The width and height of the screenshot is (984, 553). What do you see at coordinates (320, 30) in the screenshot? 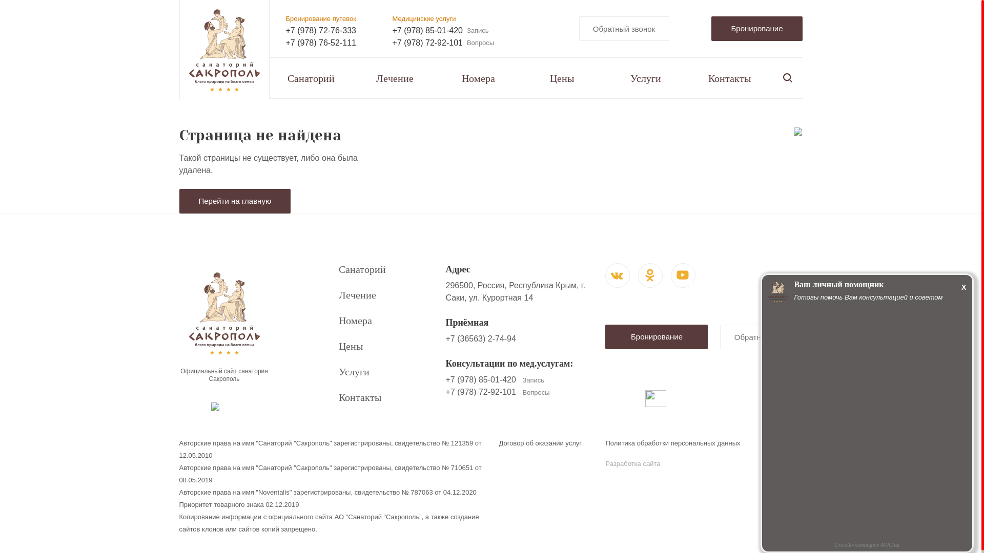
I see `'+7 (978) 72-76-333'` at bounding box center [320, 30].